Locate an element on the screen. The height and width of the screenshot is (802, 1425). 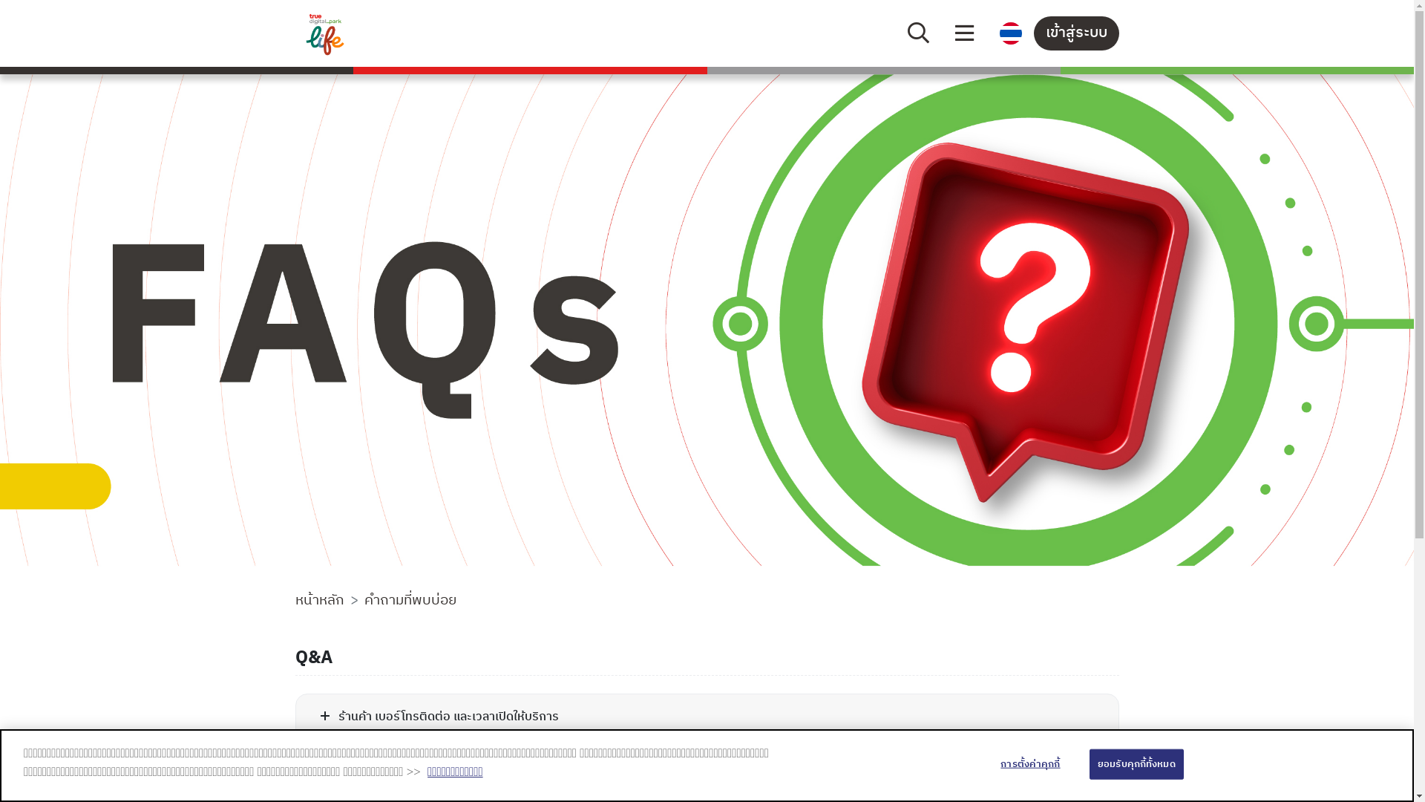
'101 True Digital Park' is located at coordinates (390, 33).